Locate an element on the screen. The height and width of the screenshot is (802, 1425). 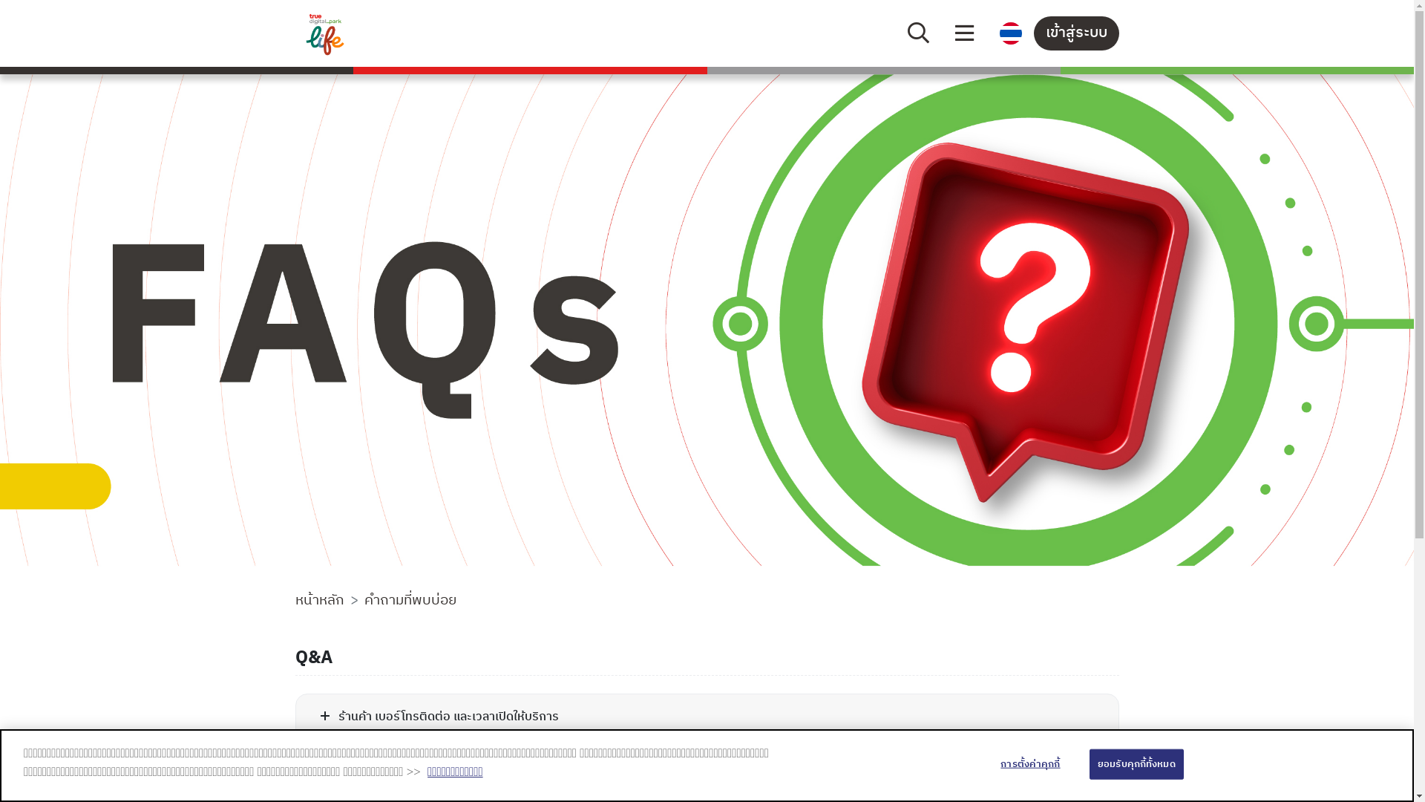
'101 True Digital Park' is located at coordinates (390, 33).